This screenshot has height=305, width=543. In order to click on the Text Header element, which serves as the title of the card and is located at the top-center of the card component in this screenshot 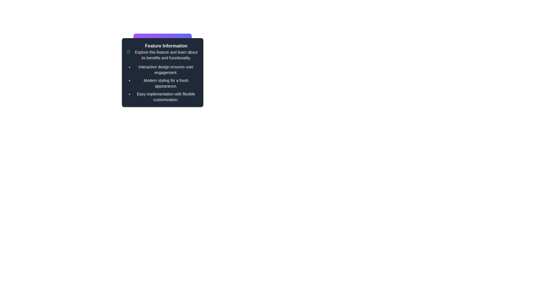, I will do `click(166, 45)`.